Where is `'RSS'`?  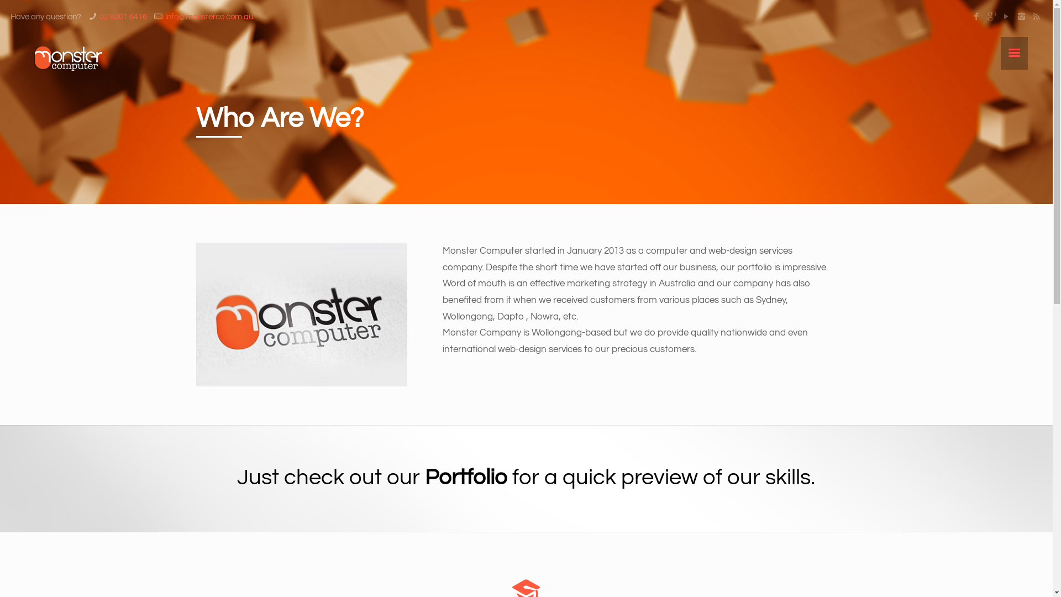 'RSS' is located at coordinates (1030, 17).